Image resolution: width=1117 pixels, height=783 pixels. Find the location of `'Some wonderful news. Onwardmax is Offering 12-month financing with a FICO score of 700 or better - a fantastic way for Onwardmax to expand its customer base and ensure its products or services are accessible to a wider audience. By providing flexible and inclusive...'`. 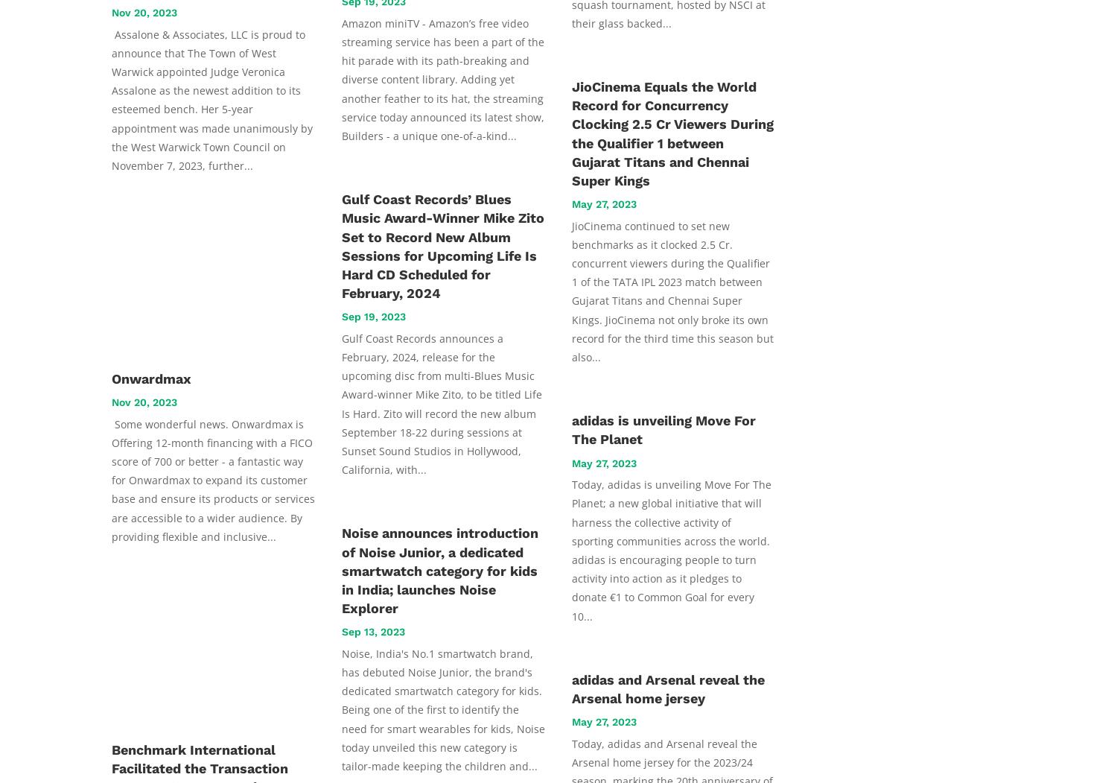

'Some wonderful news. Onwardmax is Offering 12-month financing with a FICO score of 700 or better - a fantastic way for Onwardmax to expand its customer base and ensure its products or services are accessible to a wider audience. By providing flexible and inclusive...' is located at coordinates (213, 478).